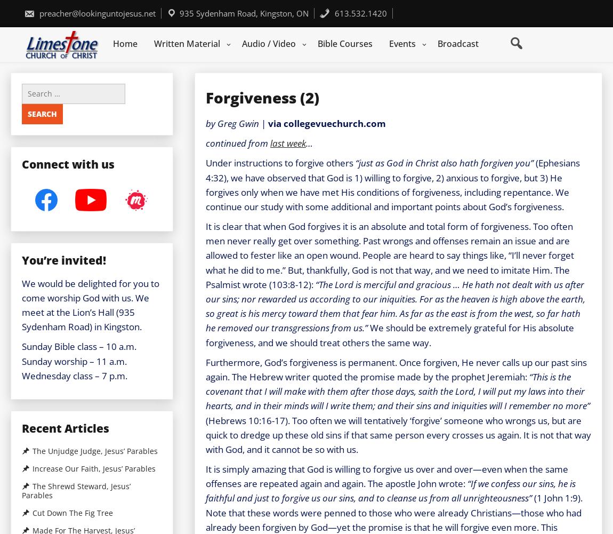  Describe the element at coordinates (238, 142) in the screenshot. I see `'continued from'` at that location.